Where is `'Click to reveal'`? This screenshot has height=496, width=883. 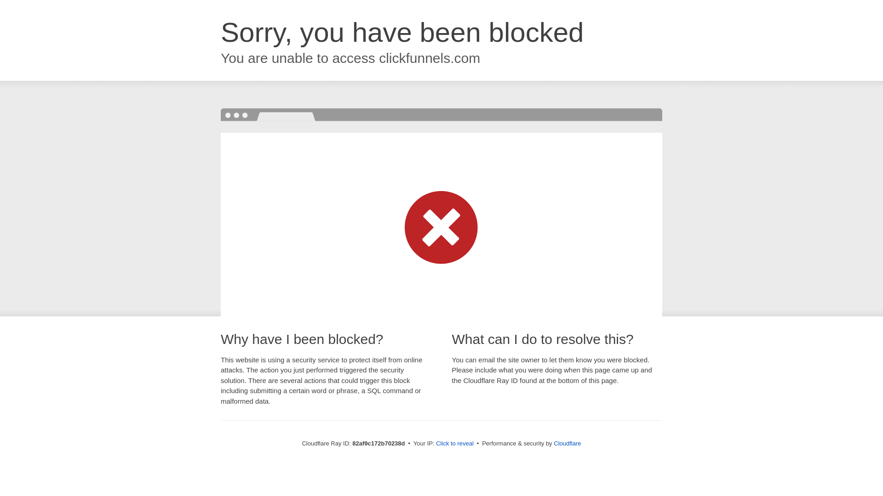 'Click to reveal' is located at coordinates (454, 443).